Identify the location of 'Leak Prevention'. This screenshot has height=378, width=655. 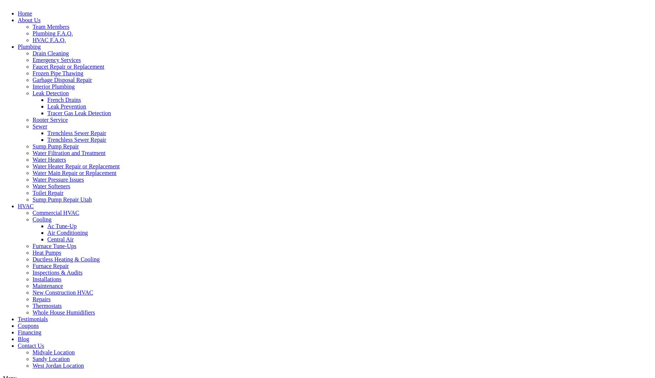
(47, 106).